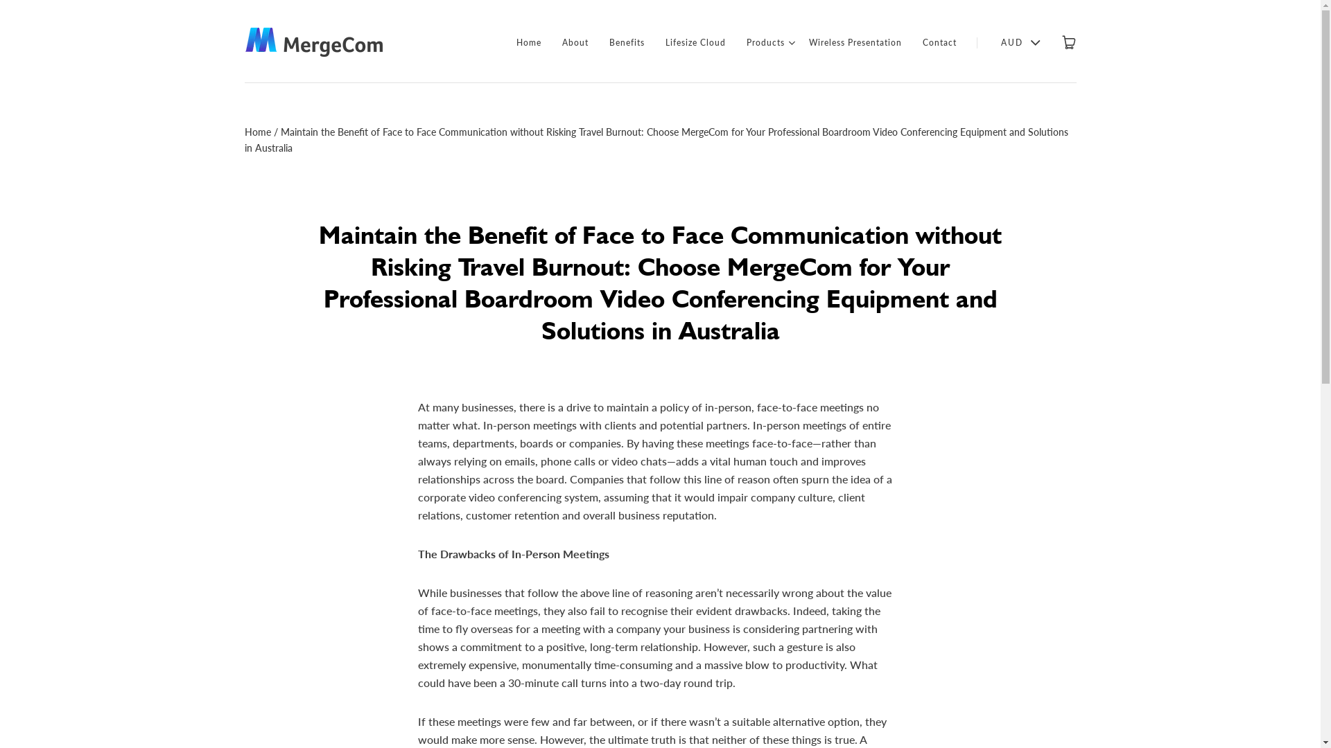  I want to click on 'Benefits', so click(625, 42).